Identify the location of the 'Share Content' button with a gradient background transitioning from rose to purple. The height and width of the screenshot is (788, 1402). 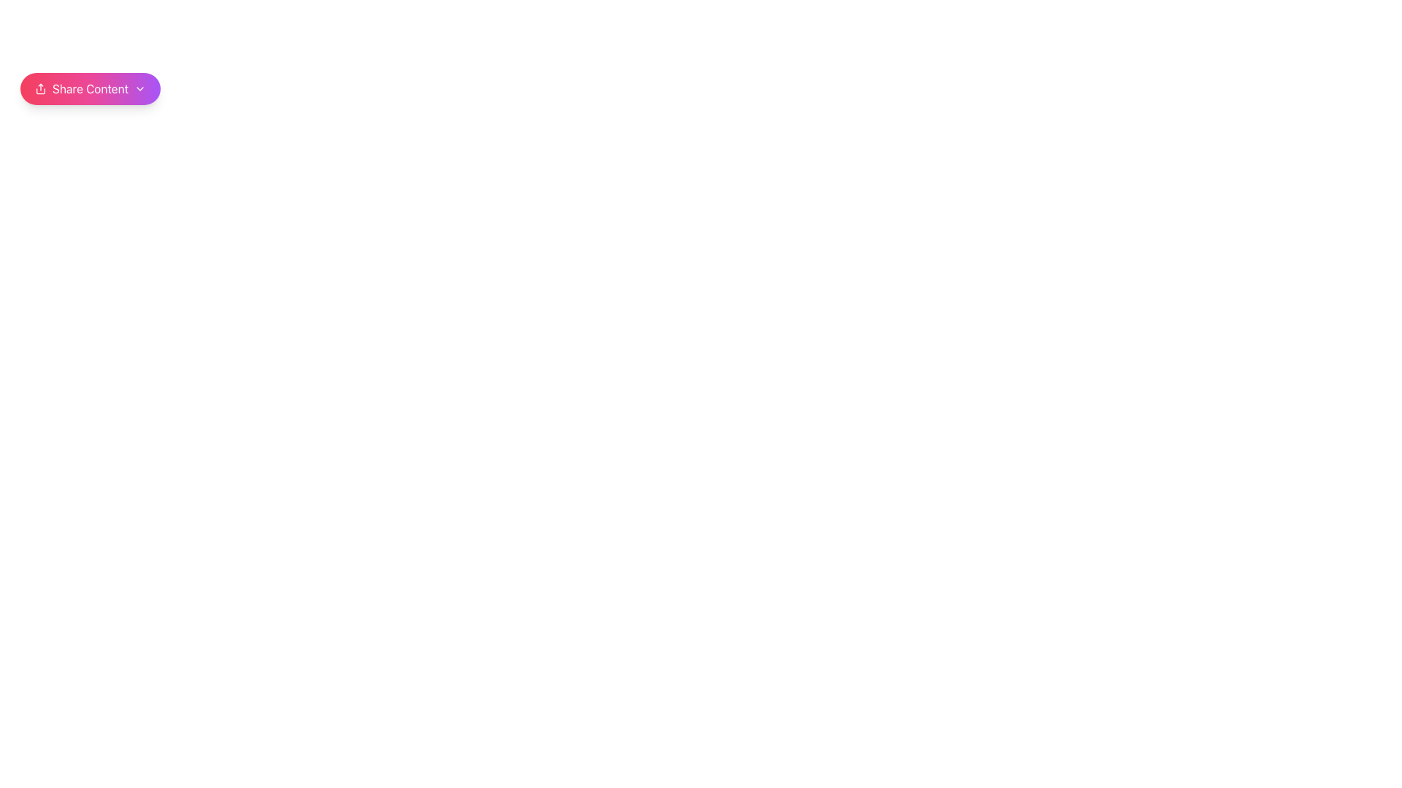
(90, 89).